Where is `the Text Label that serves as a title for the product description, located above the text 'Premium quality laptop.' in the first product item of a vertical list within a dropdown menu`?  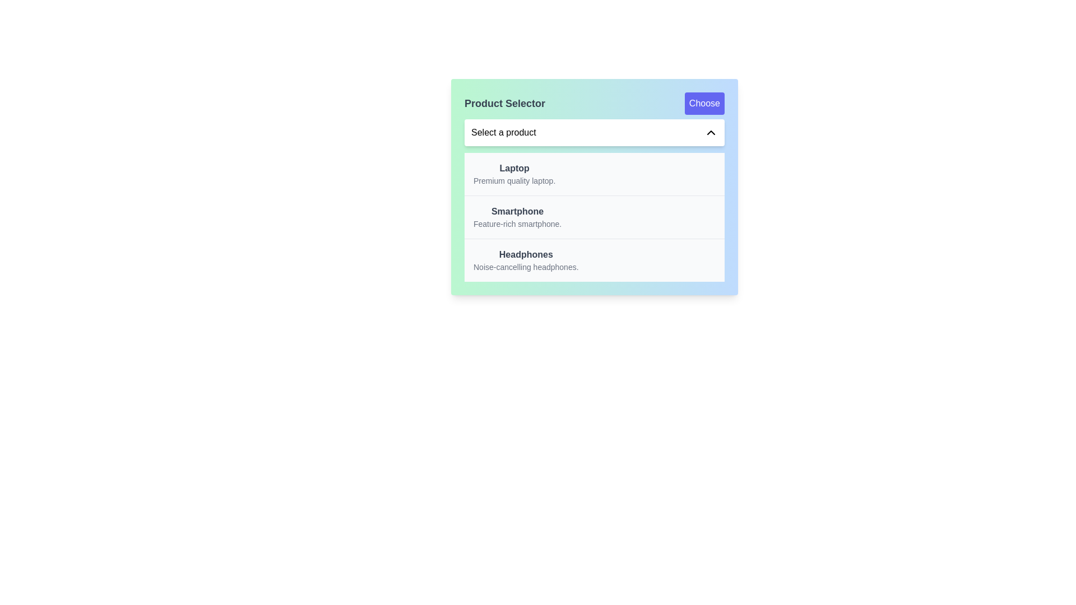
the Text Label that serves as a title for the product description, located above the text 'Premium quality laptop.' in the first product item of a vertical list within a dropdown menu is located at coordinates (514, 168).